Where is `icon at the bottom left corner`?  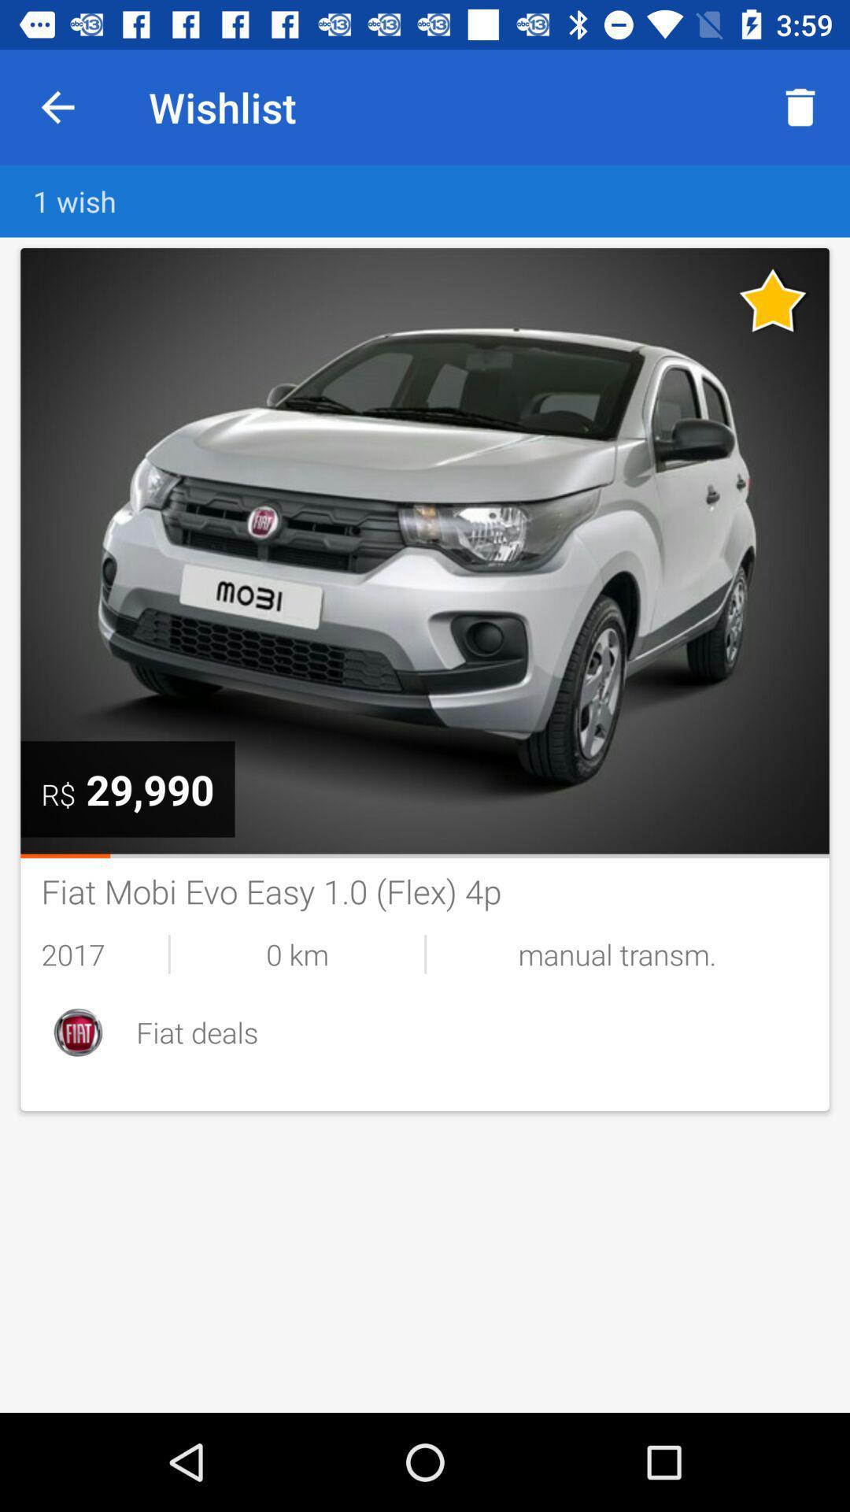
icon at the bottom left corner is located at coordinates (78, 1032).